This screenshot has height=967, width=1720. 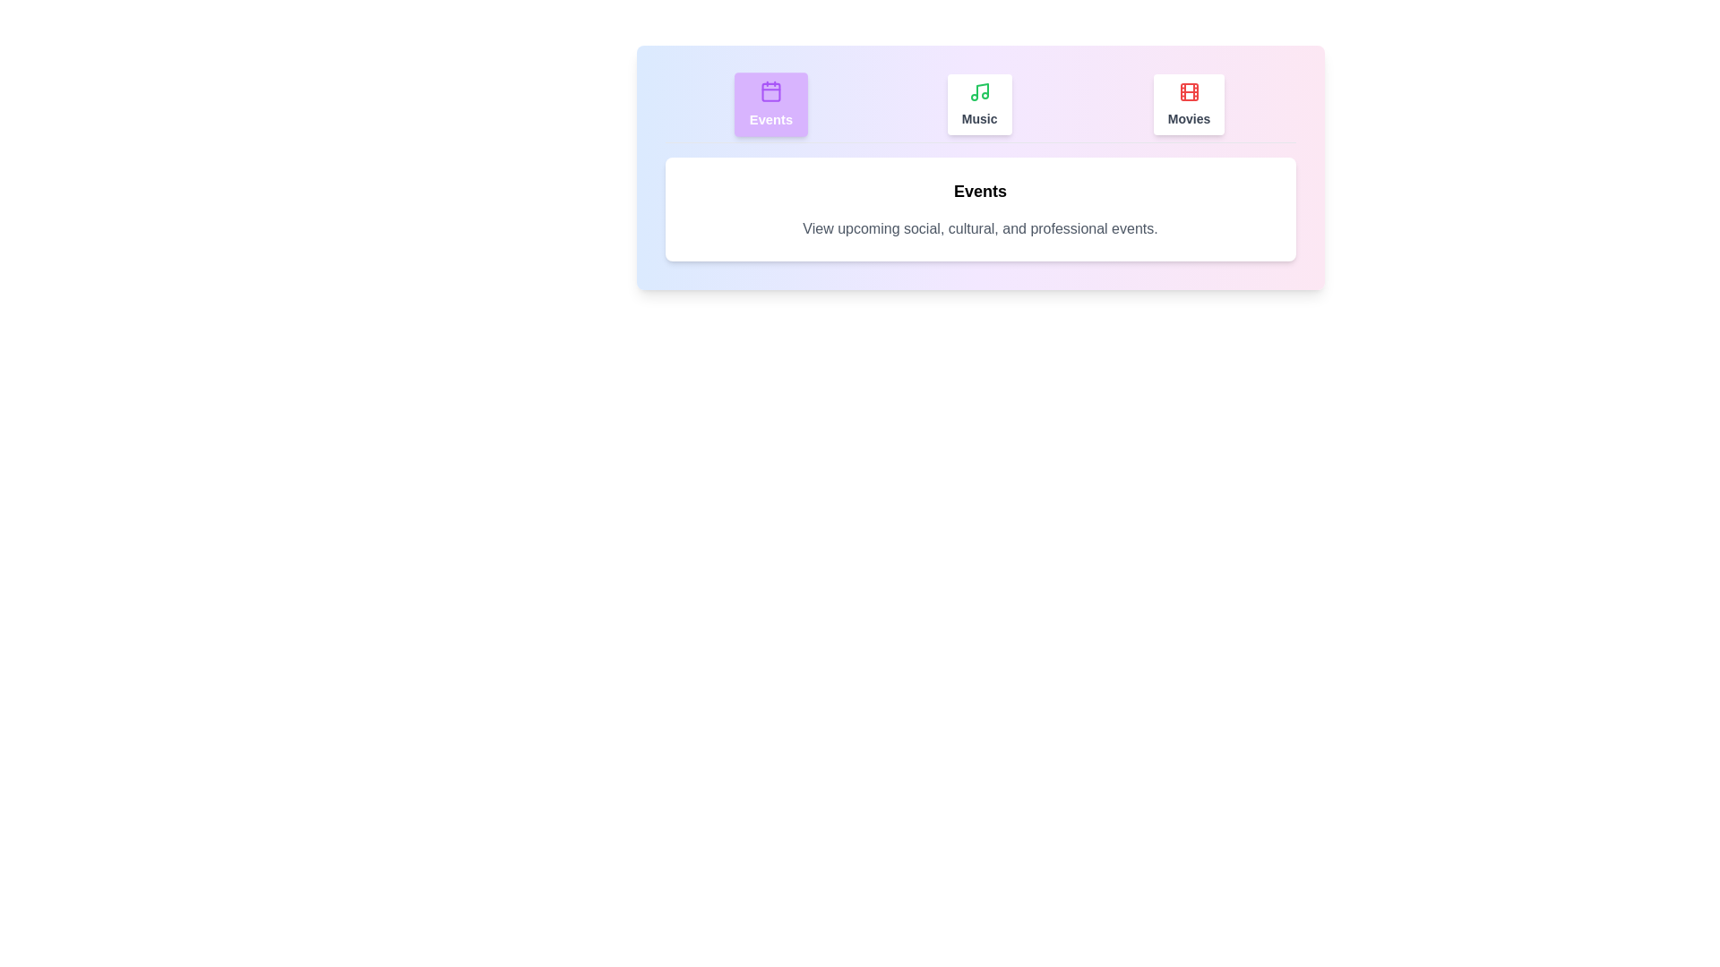 What do you see at coordinates (685, 217) in the screenshot?
I see `the text content of the active tab` at bounding box center [685, 217].